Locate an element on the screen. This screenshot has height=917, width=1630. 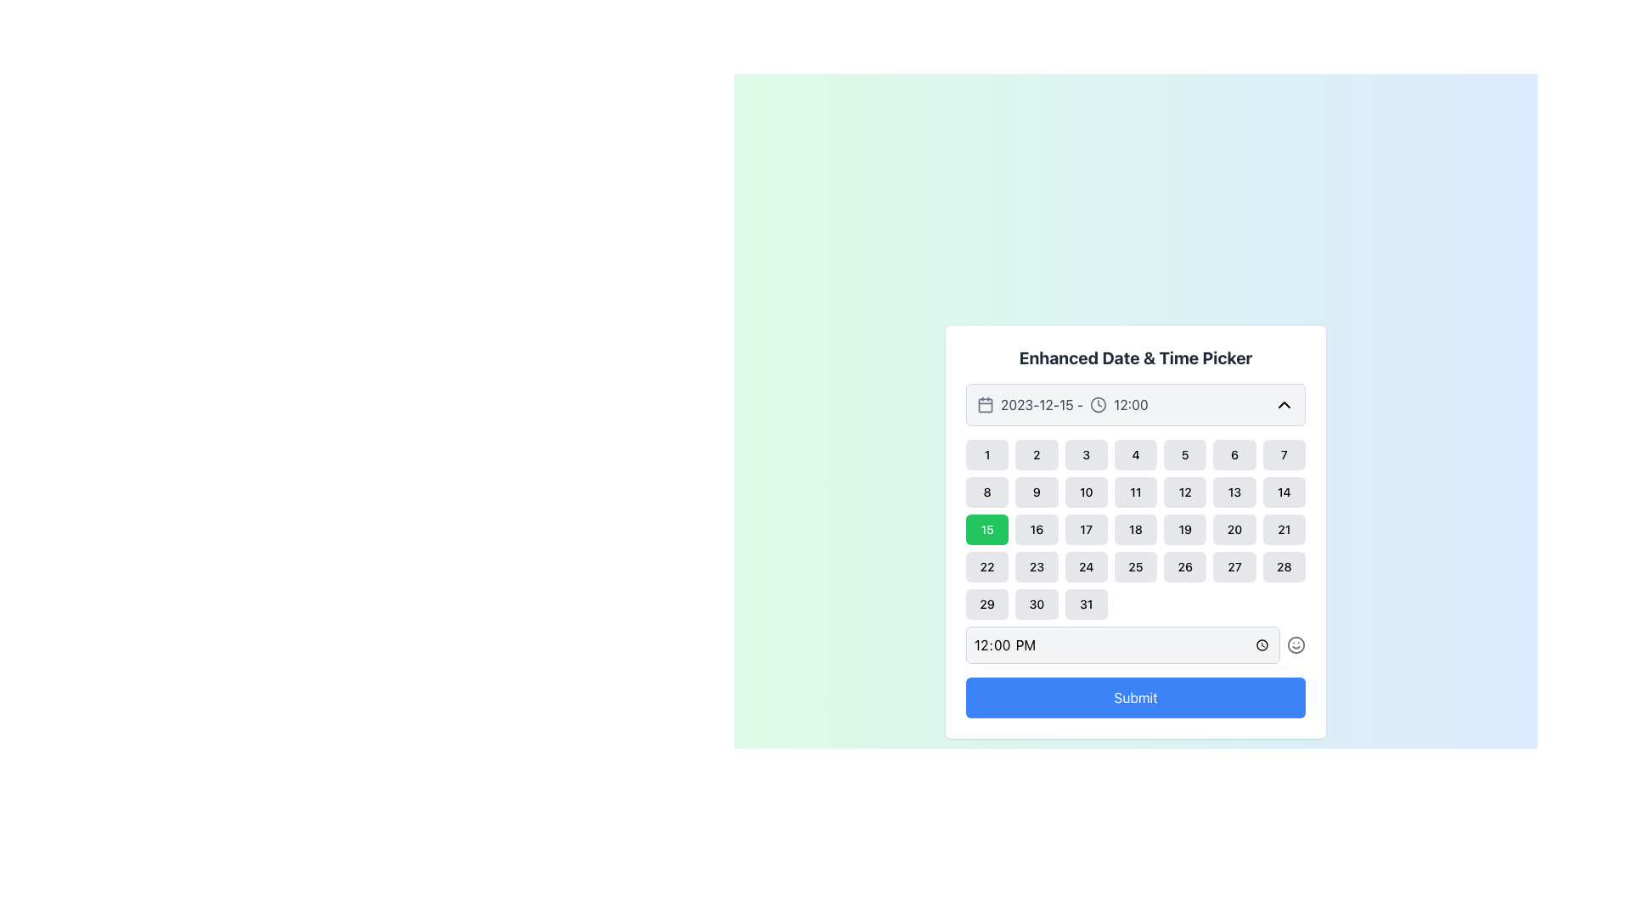
the decorative SVG icon located to the right of the time input box is located at coordinates (1295, 644).